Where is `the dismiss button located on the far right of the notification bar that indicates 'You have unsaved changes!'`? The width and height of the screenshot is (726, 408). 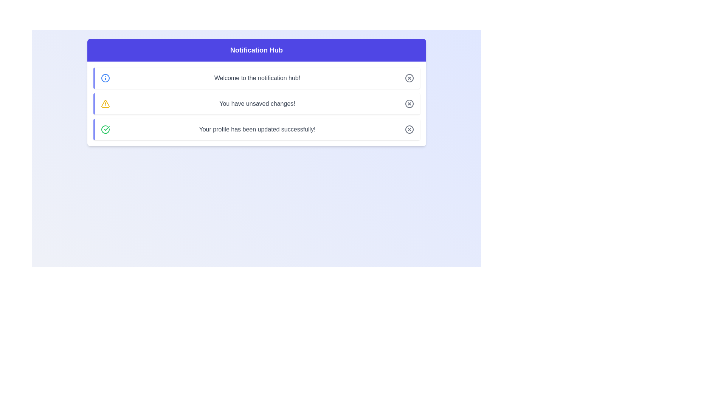
the dismiss button located on the far right of the notification bar that indicates 'You have unsaved changes!' is located at coordinates (409, 104).